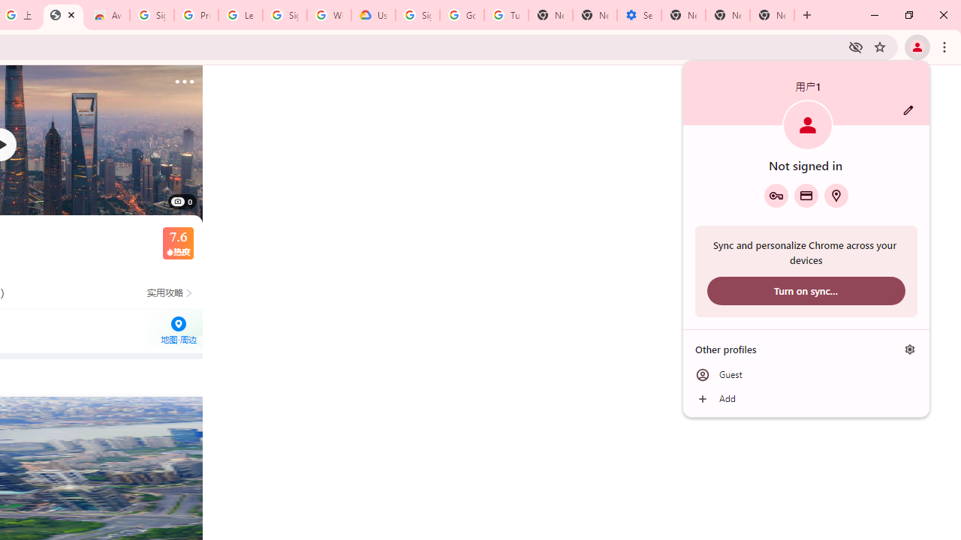 The image size is (961, 540). Describe the element at coordinates (152, 15) in the screenshot. I see `'Sign in - Google Accounts'` at that location.